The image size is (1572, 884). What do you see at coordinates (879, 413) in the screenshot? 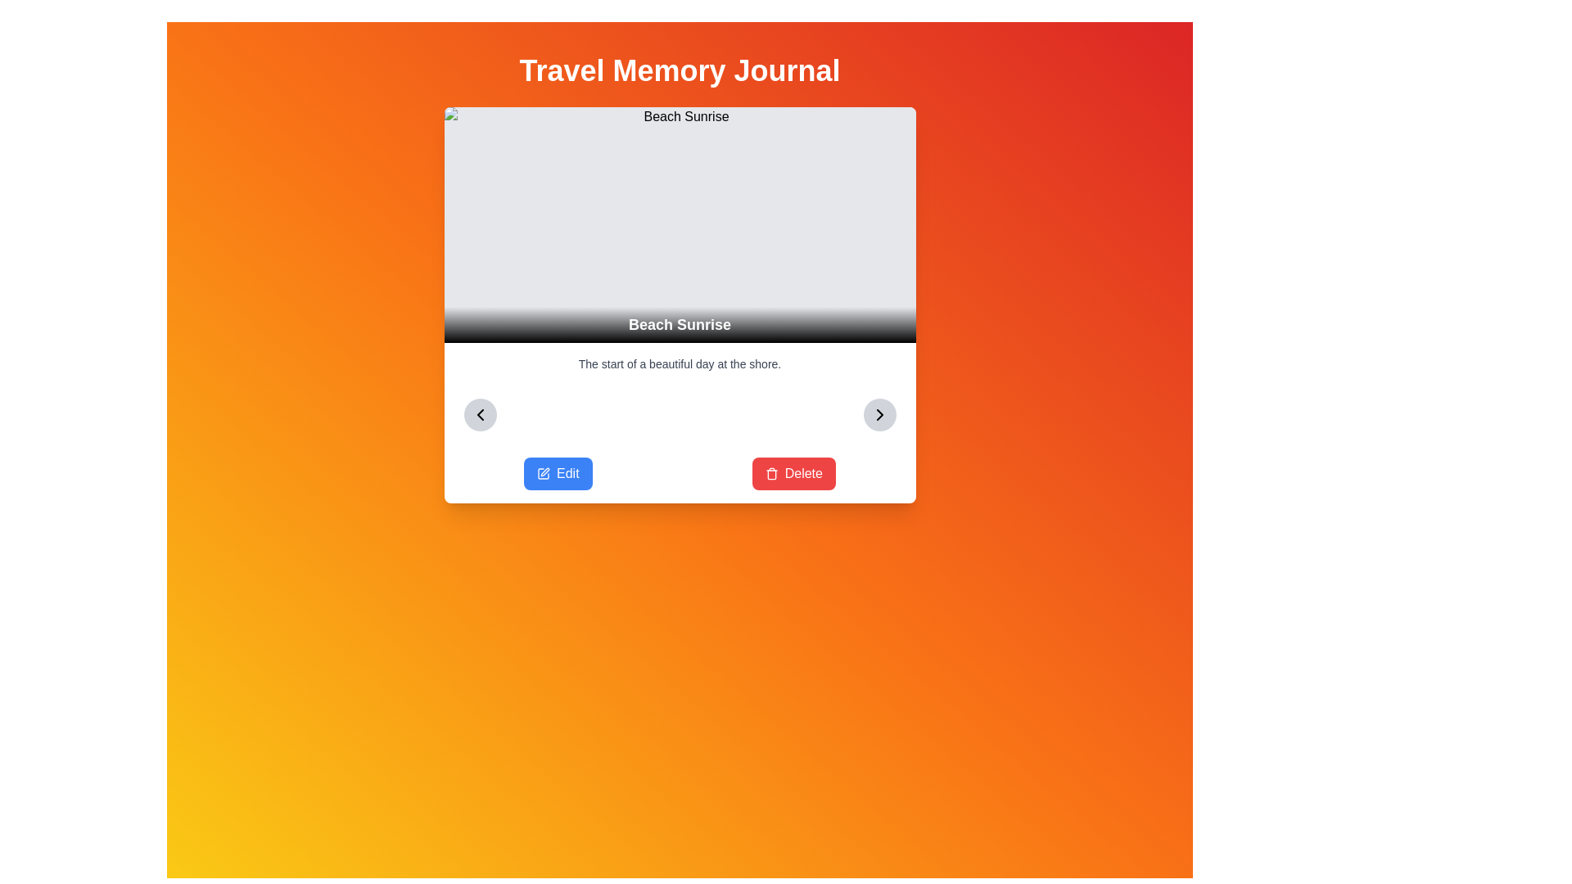
I see `the second circular button with a light gray background and a right-pointing arrow icon` at bounding box center [879, 413].